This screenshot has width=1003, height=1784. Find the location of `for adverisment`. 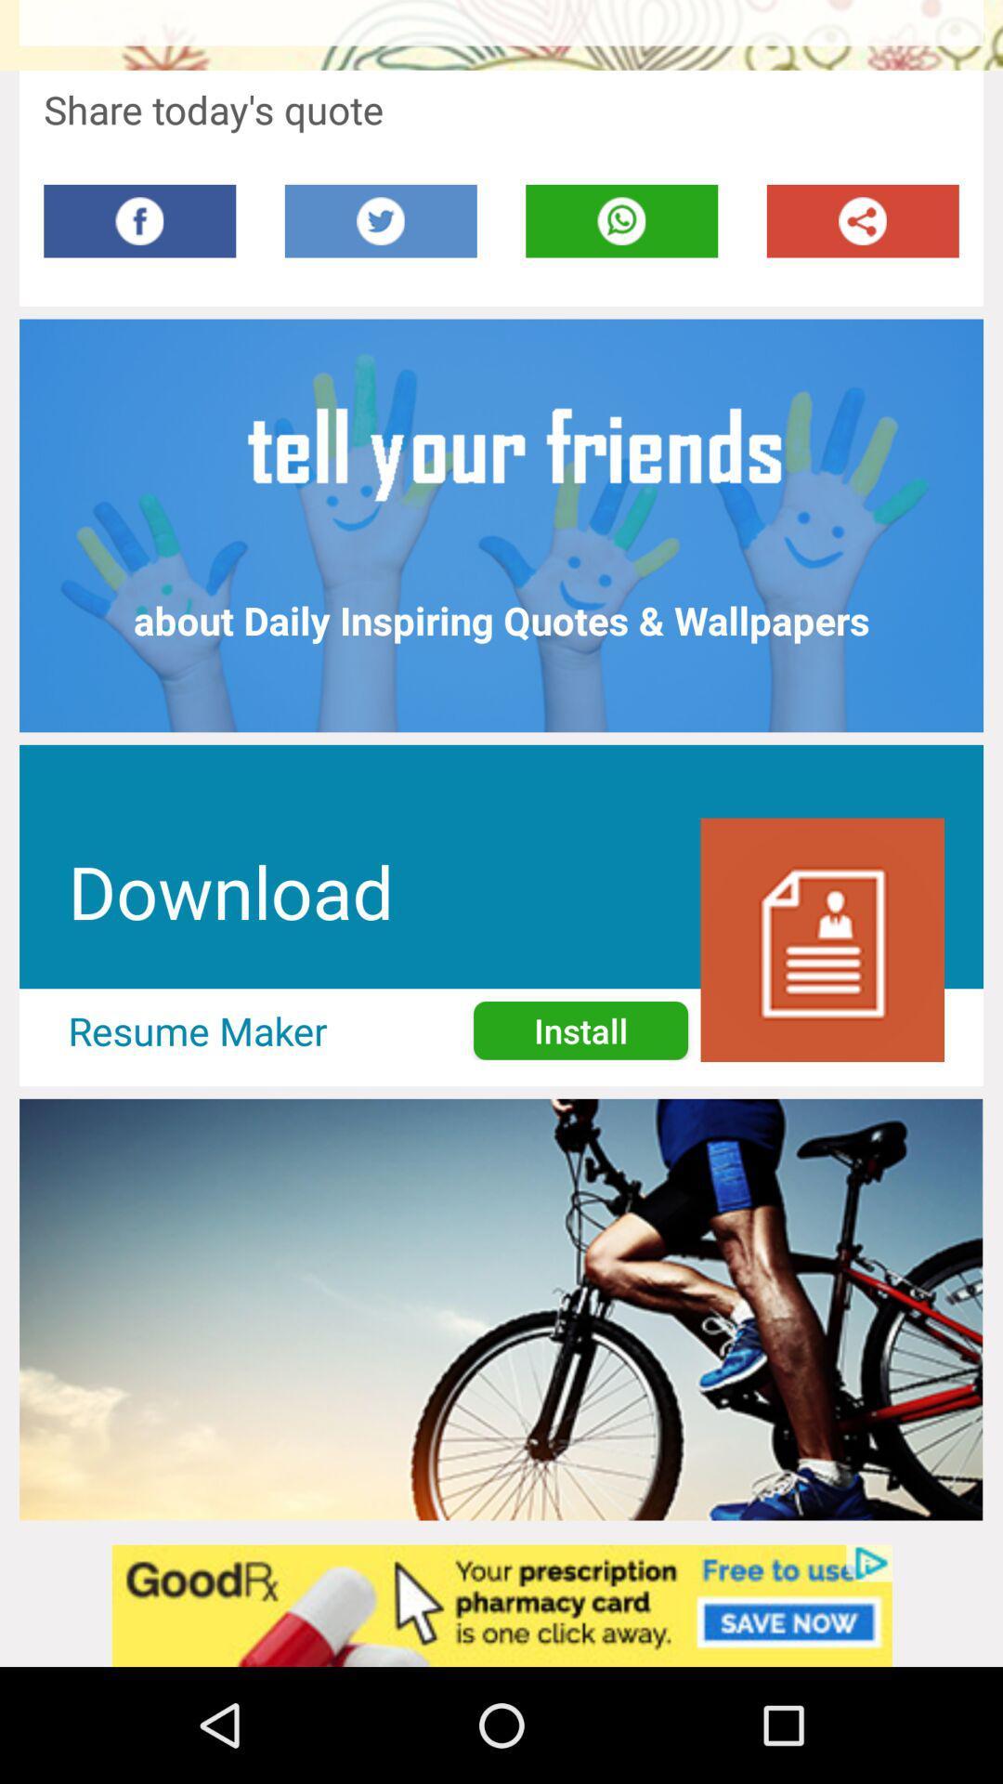

for adverisment is located at coordinates (501, 1605).